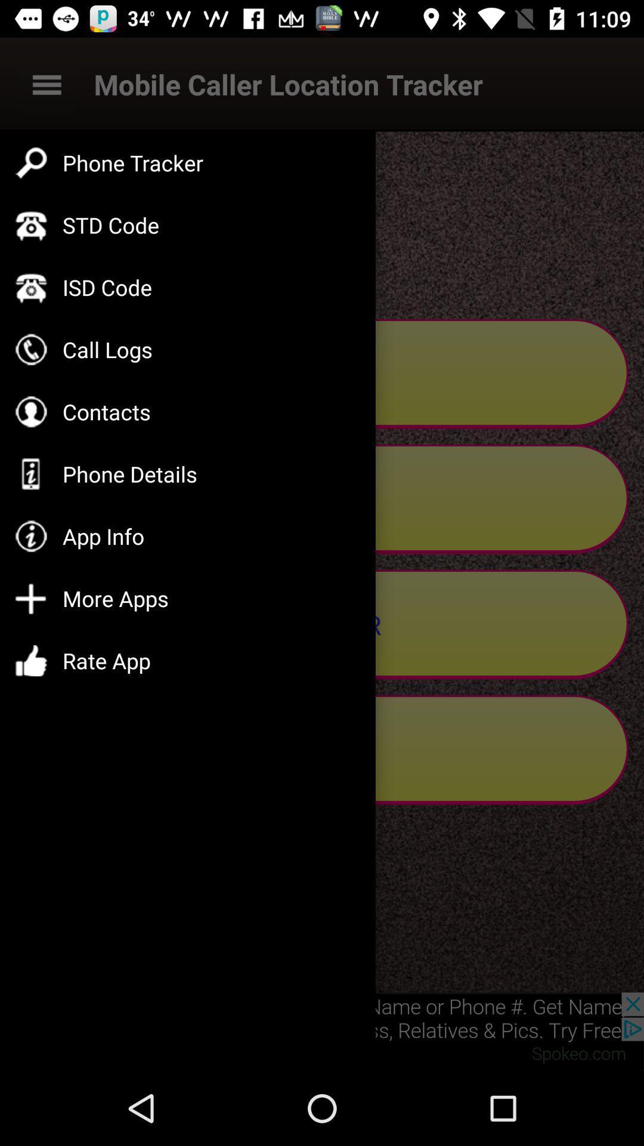  I want to click on the symbol to the left side of isd code, so click(30, 287).